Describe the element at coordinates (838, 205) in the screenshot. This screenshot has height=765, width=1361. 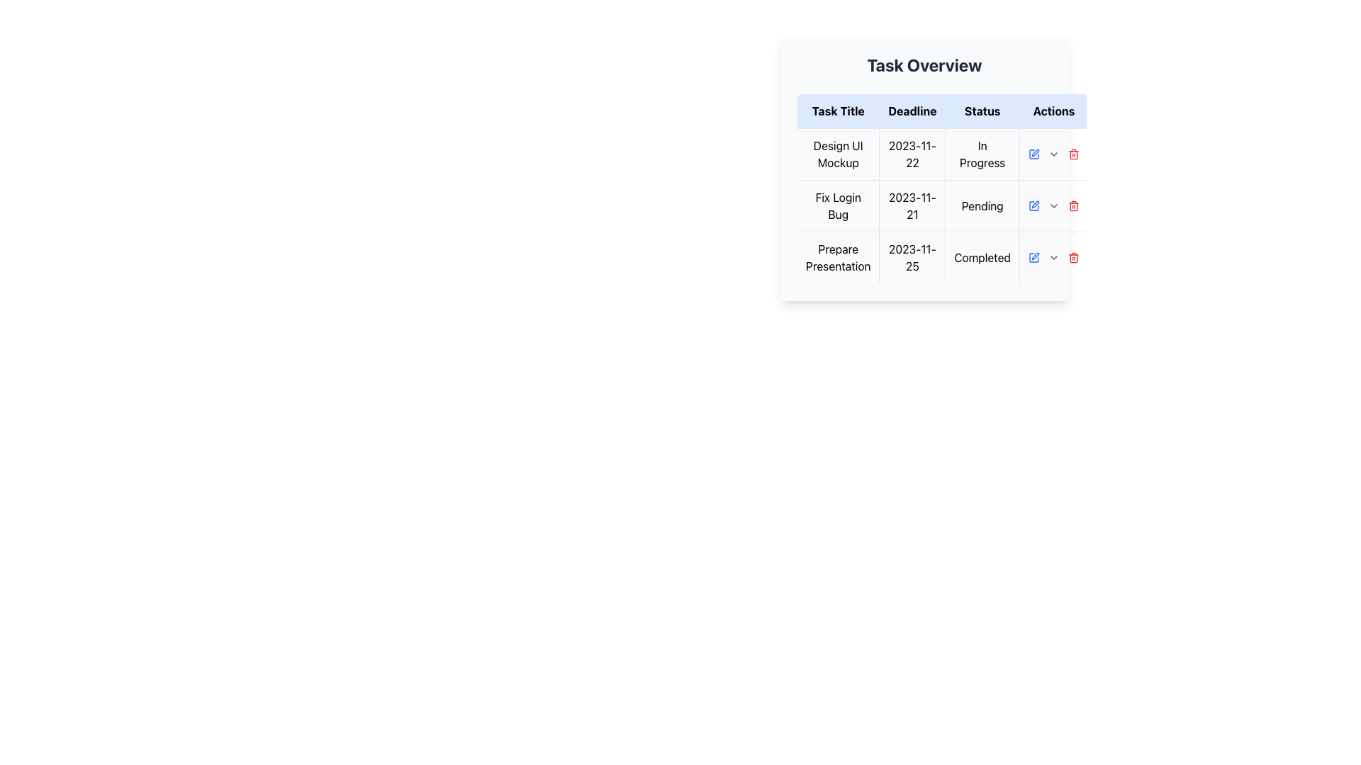
I see `the text label displaying 'Fix Login Bug' which is located in the leftmost cell of the second row of a structured table layout` at that location.